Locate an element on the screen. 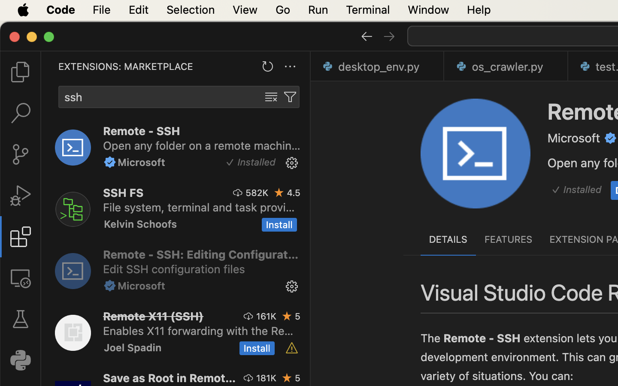 This screenshot has height=386, width=618. '0 ' is located at coordinates (20, 154).